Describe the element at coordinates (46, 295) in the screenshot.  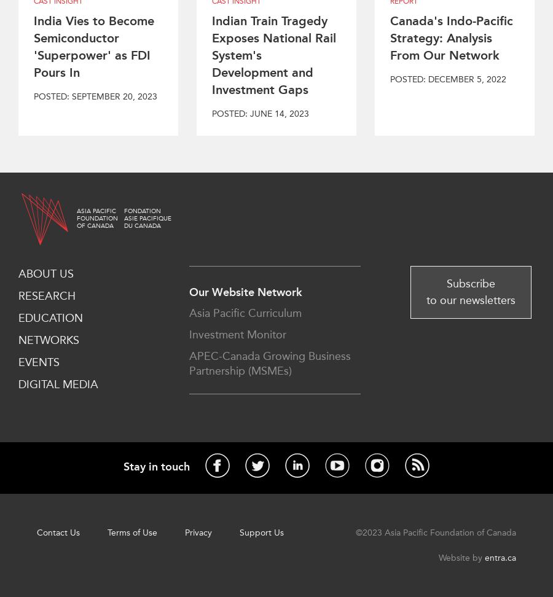
I see `'Research'` at that location.